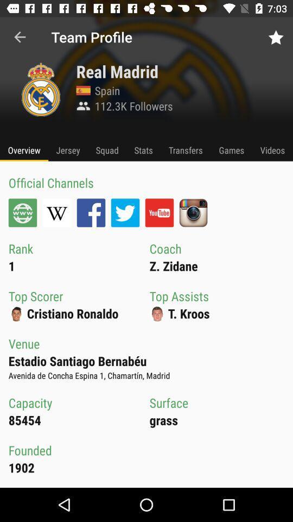 The width and height of the screenshot is (293, 522). I want to click on item next to the games icon, so click(272, 150).